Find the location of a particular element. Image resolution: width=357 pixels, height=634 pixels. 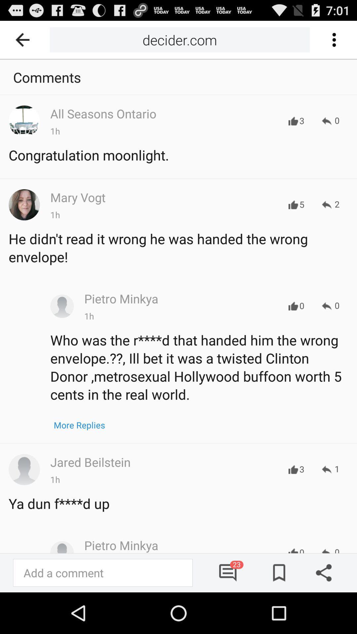

the more replies icon is located at coordinates (79, 425).